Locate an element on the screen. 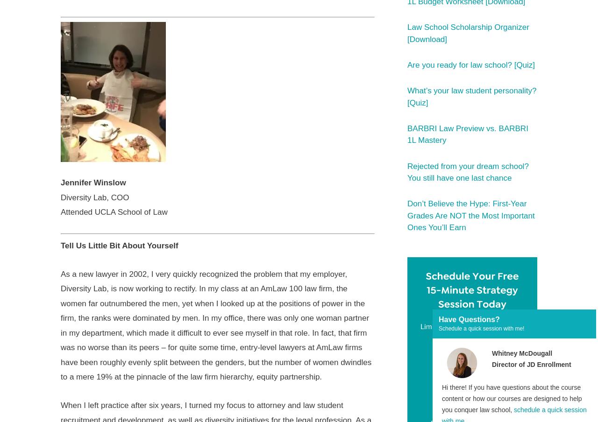 The height and width of the screenshot is (422, 598). 'Law School Scholarship Organizer [Download]' is located at coordinates (407, 33).